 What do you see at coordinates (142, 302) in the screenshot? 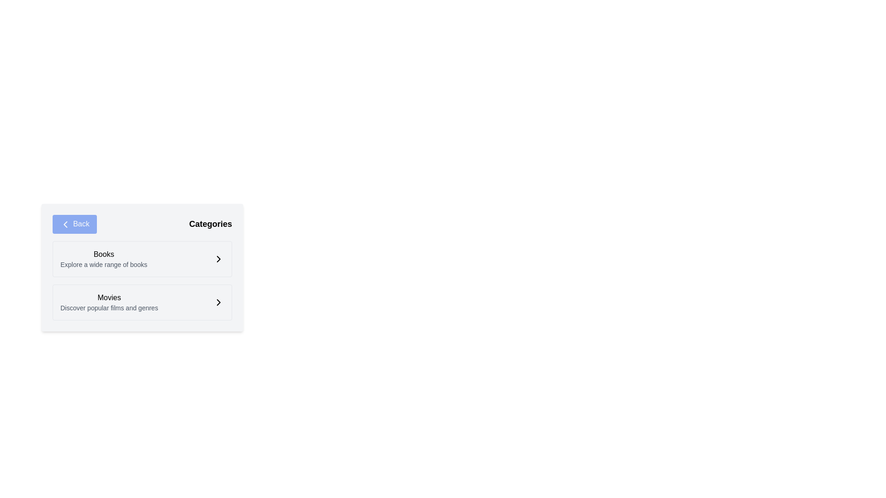
I see `the 'Movies' button-like panel, which has a rounded border, light gray background, and contains a bold title 'Movies' with a description below` at bounding box center [142, 302].